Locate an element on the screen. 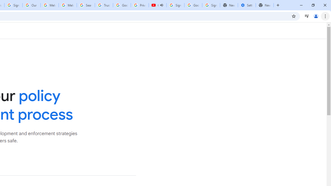 This screenshot has height=186, width=331. 'Settings - Addresses and more' is located at coordinates (246, 5).